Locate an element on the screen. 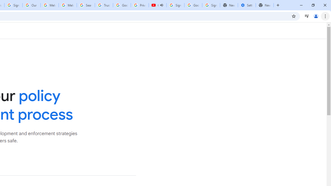 This screenshot has height=186, width=331. 'Settings - Addresses and more' is located at coordinates (246, 5).